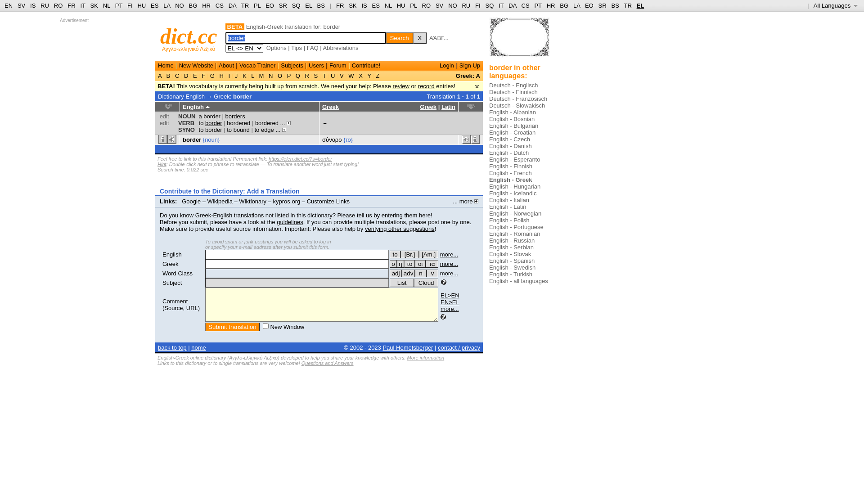  Describe the element at coordinates (469, 65) in the screenshot. I see `'Sign Up'` at that location.